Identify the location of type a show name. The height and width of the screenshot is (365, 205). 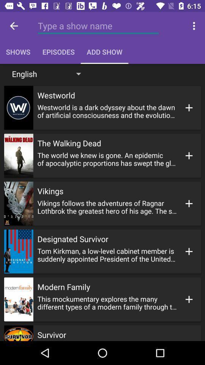
(98, 26).